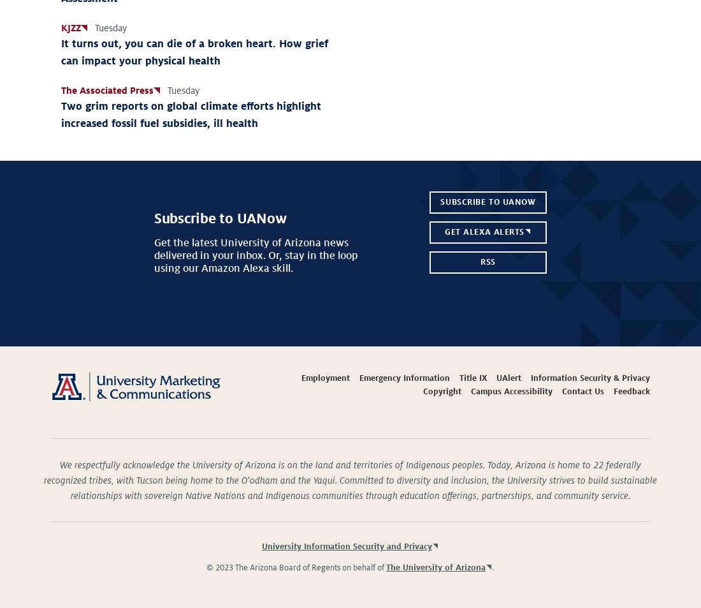 This screenshot has height=608, width=701. What do you see at coordinates (469, 390) in the screenshot?
I see `'Campus Accessibility'` at bounding box center [469, 390].